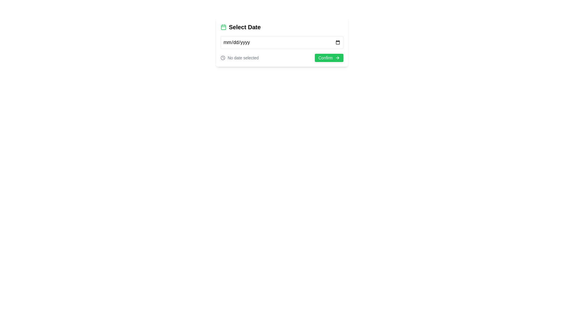 This screenshot has height=319, width=567. What do you see at coordinates (223, 27) in the screenshot?
I see `the green calendar icon located to the left of the 'Select Date' section, which is visually distinct with outlined strokes` at bounding box center [223, 27].